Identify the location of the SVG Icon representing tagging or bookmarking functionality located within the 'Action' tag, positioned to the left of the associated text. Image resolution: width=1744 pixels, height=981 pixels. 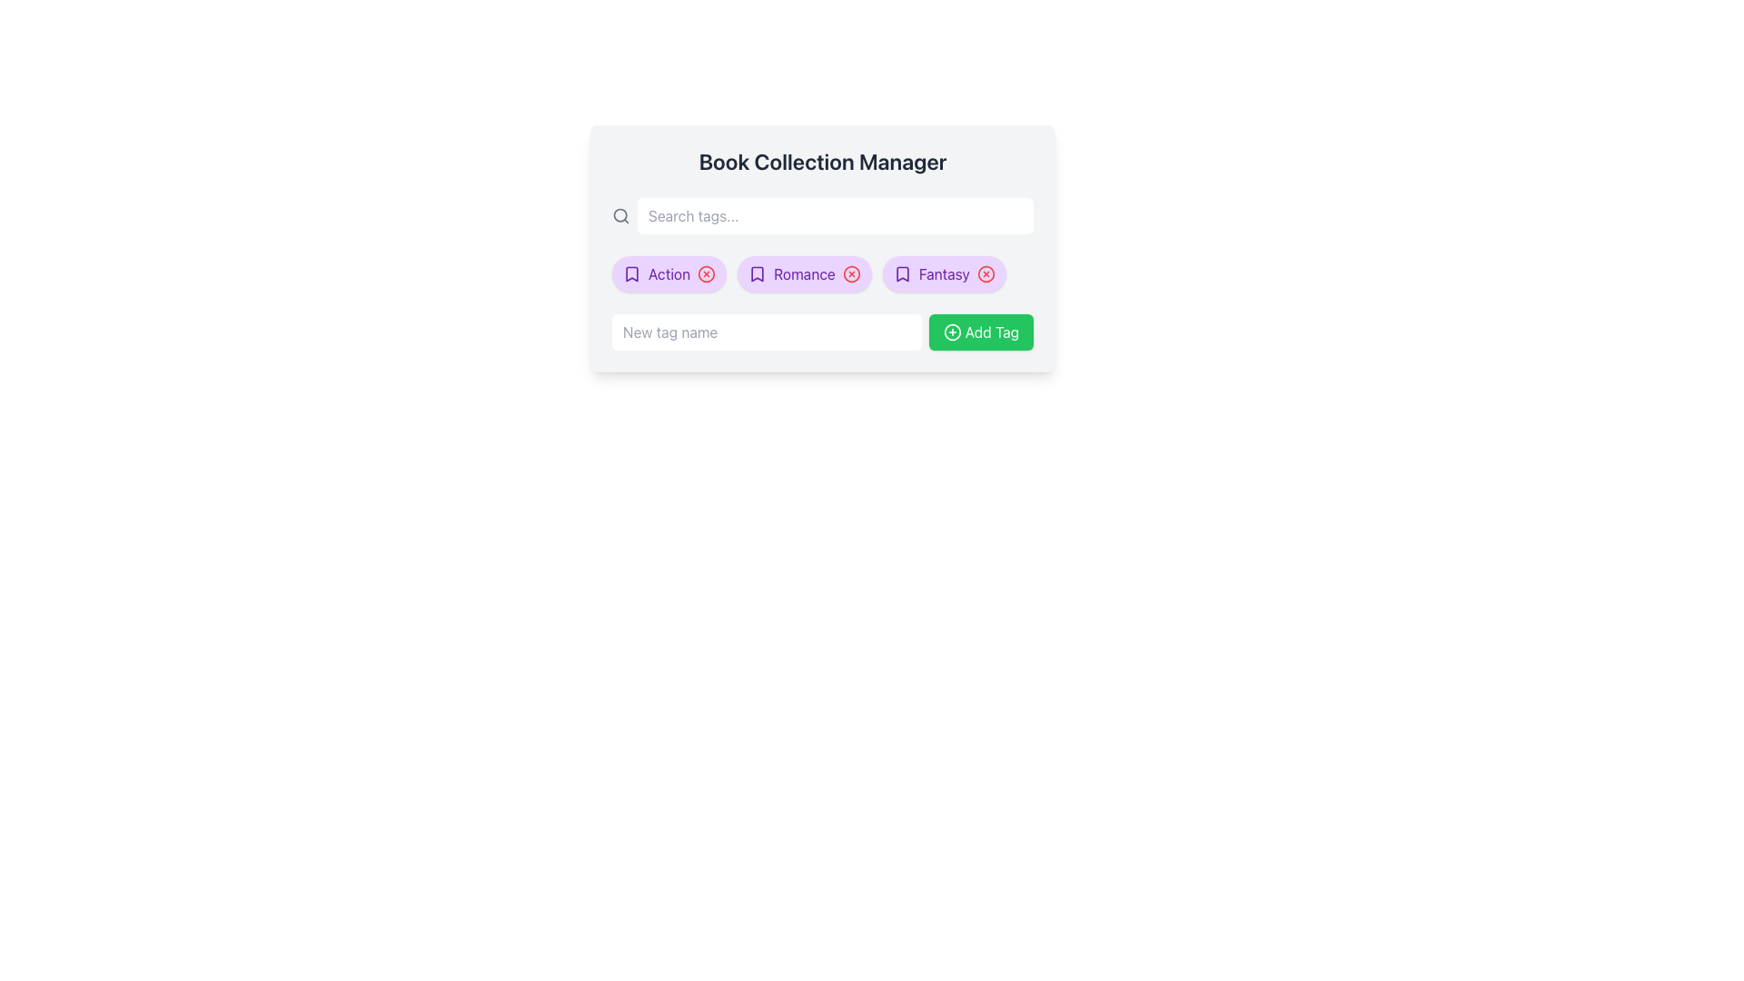
(632, 273).